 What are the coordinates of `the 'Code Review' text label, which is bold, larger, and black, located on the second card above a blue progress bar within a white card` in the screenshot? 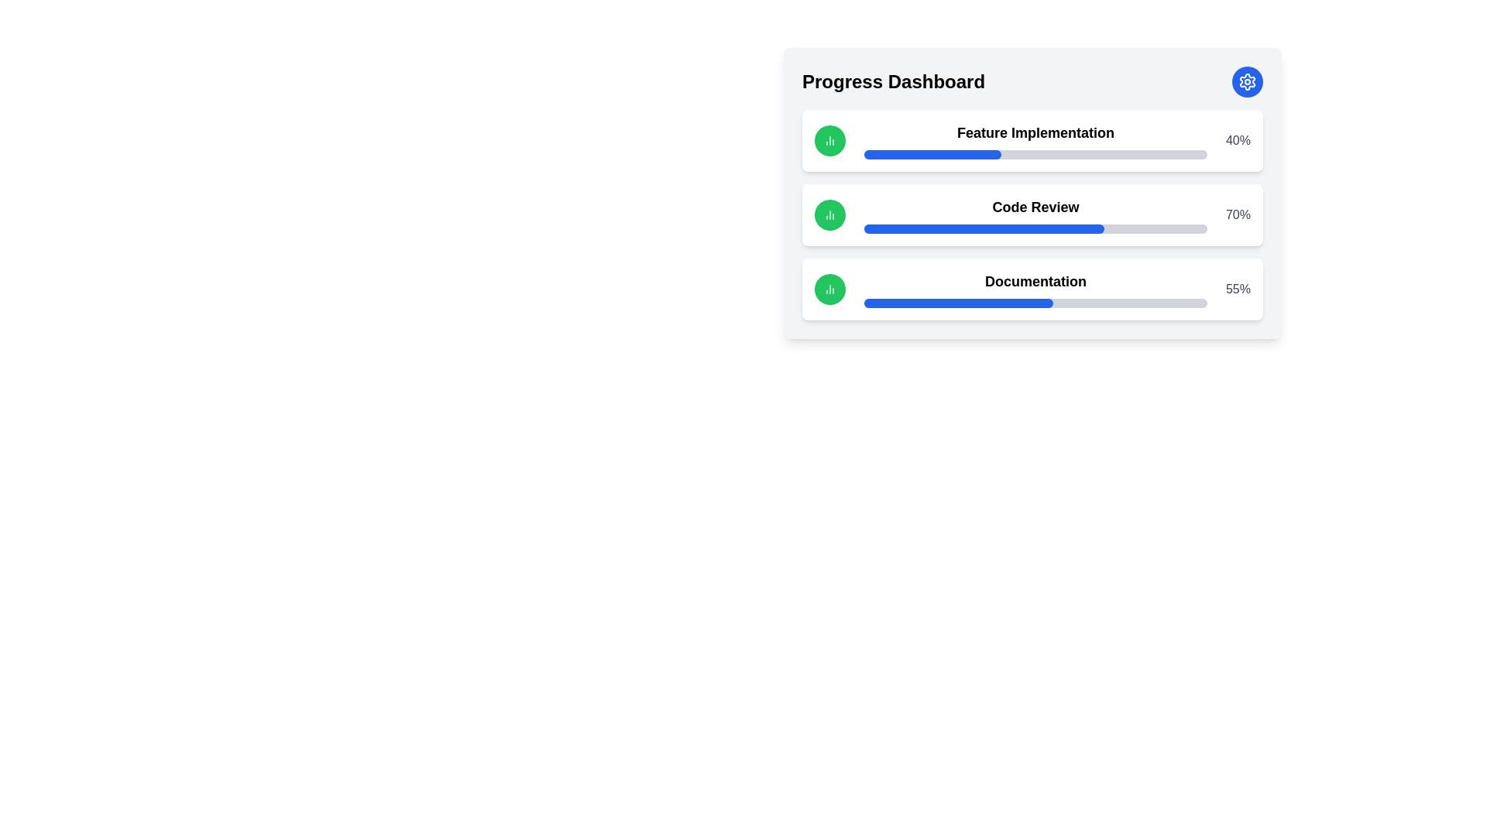 It's located at (1035, 206).